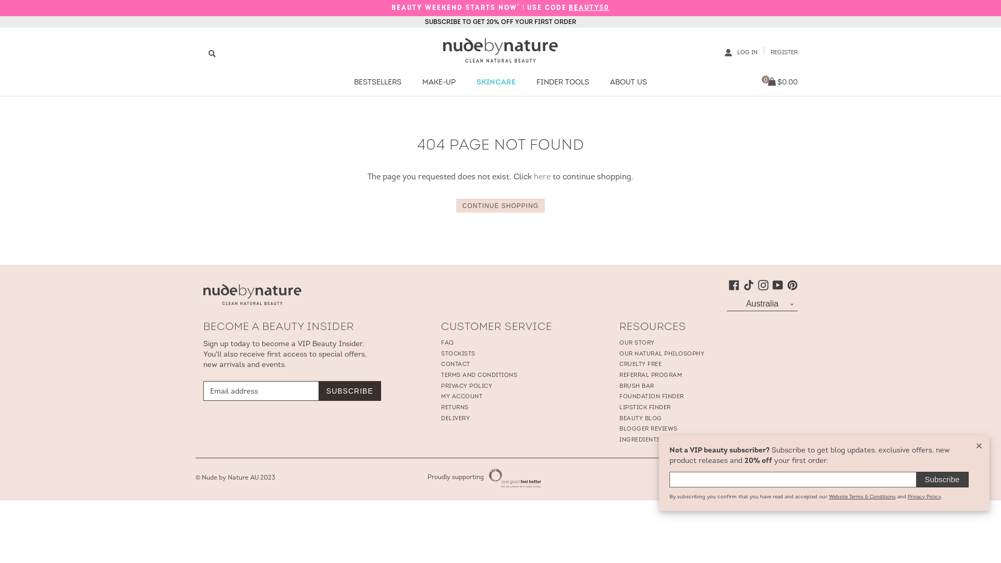  Describe the element at coordinates (377, 81) in the screenshot. I see `'BESTSELLERS'` at that location.